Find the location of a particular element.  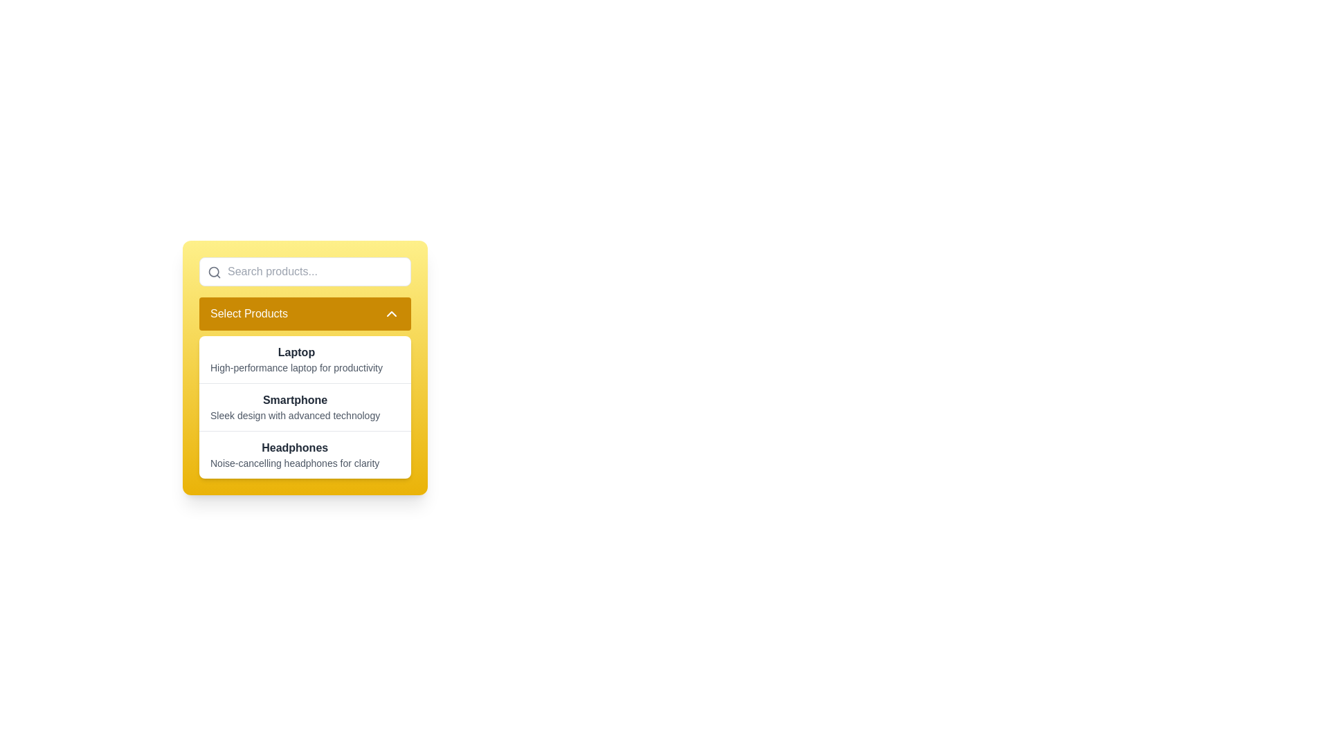

the small gray search icon resembling a magnifying glass located on the left side of the search bar input field is located at coordinates (214, 272).